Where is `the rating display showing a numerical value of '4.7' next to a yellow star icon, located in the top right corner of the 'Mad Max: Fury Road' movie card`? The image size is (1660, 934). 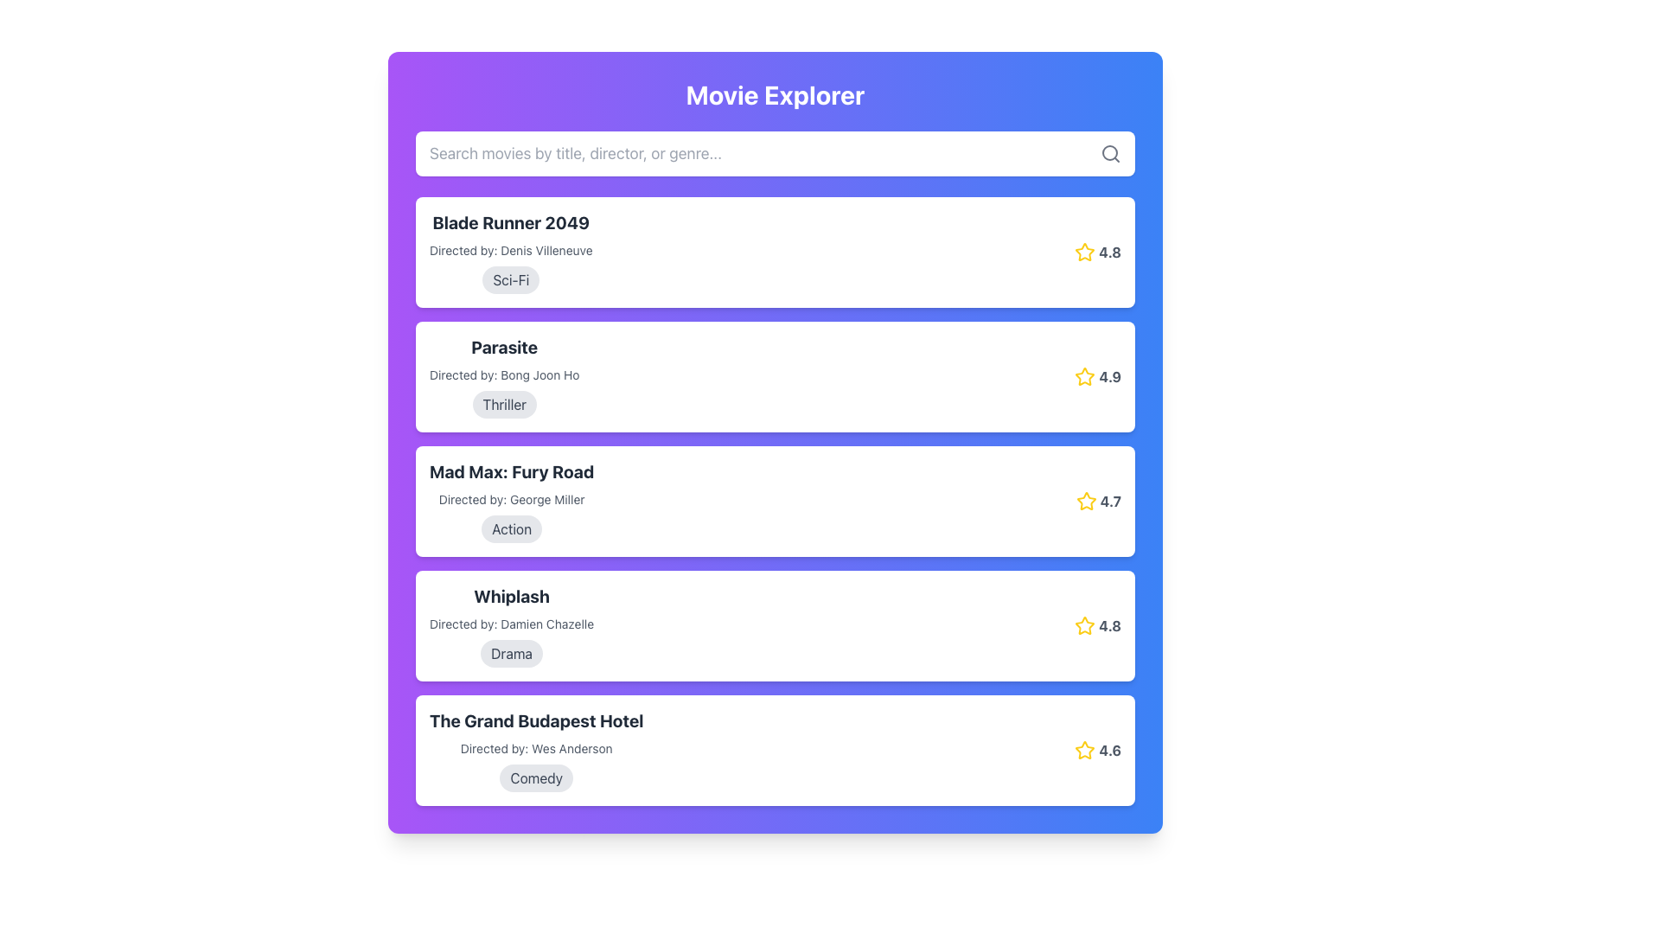
the rating display showing a numerical value of '4.7' next to a yellow star icon, located in the top right corner of the 'Mad Max: Fury Road' movie card is located at coordinates (1097, 501).